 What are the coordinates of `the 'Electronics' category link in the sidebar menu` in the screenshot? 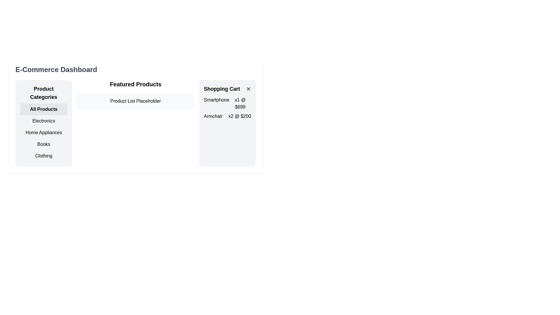 It's located at (43, 121).